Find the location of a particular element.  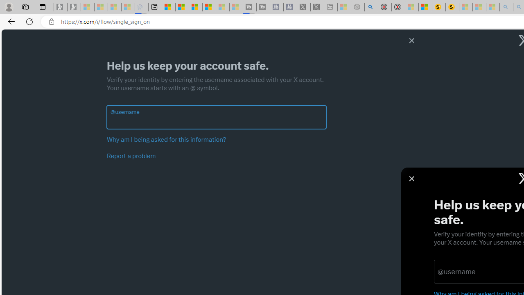

'Report a problem' is located at coordinates (131, 156).